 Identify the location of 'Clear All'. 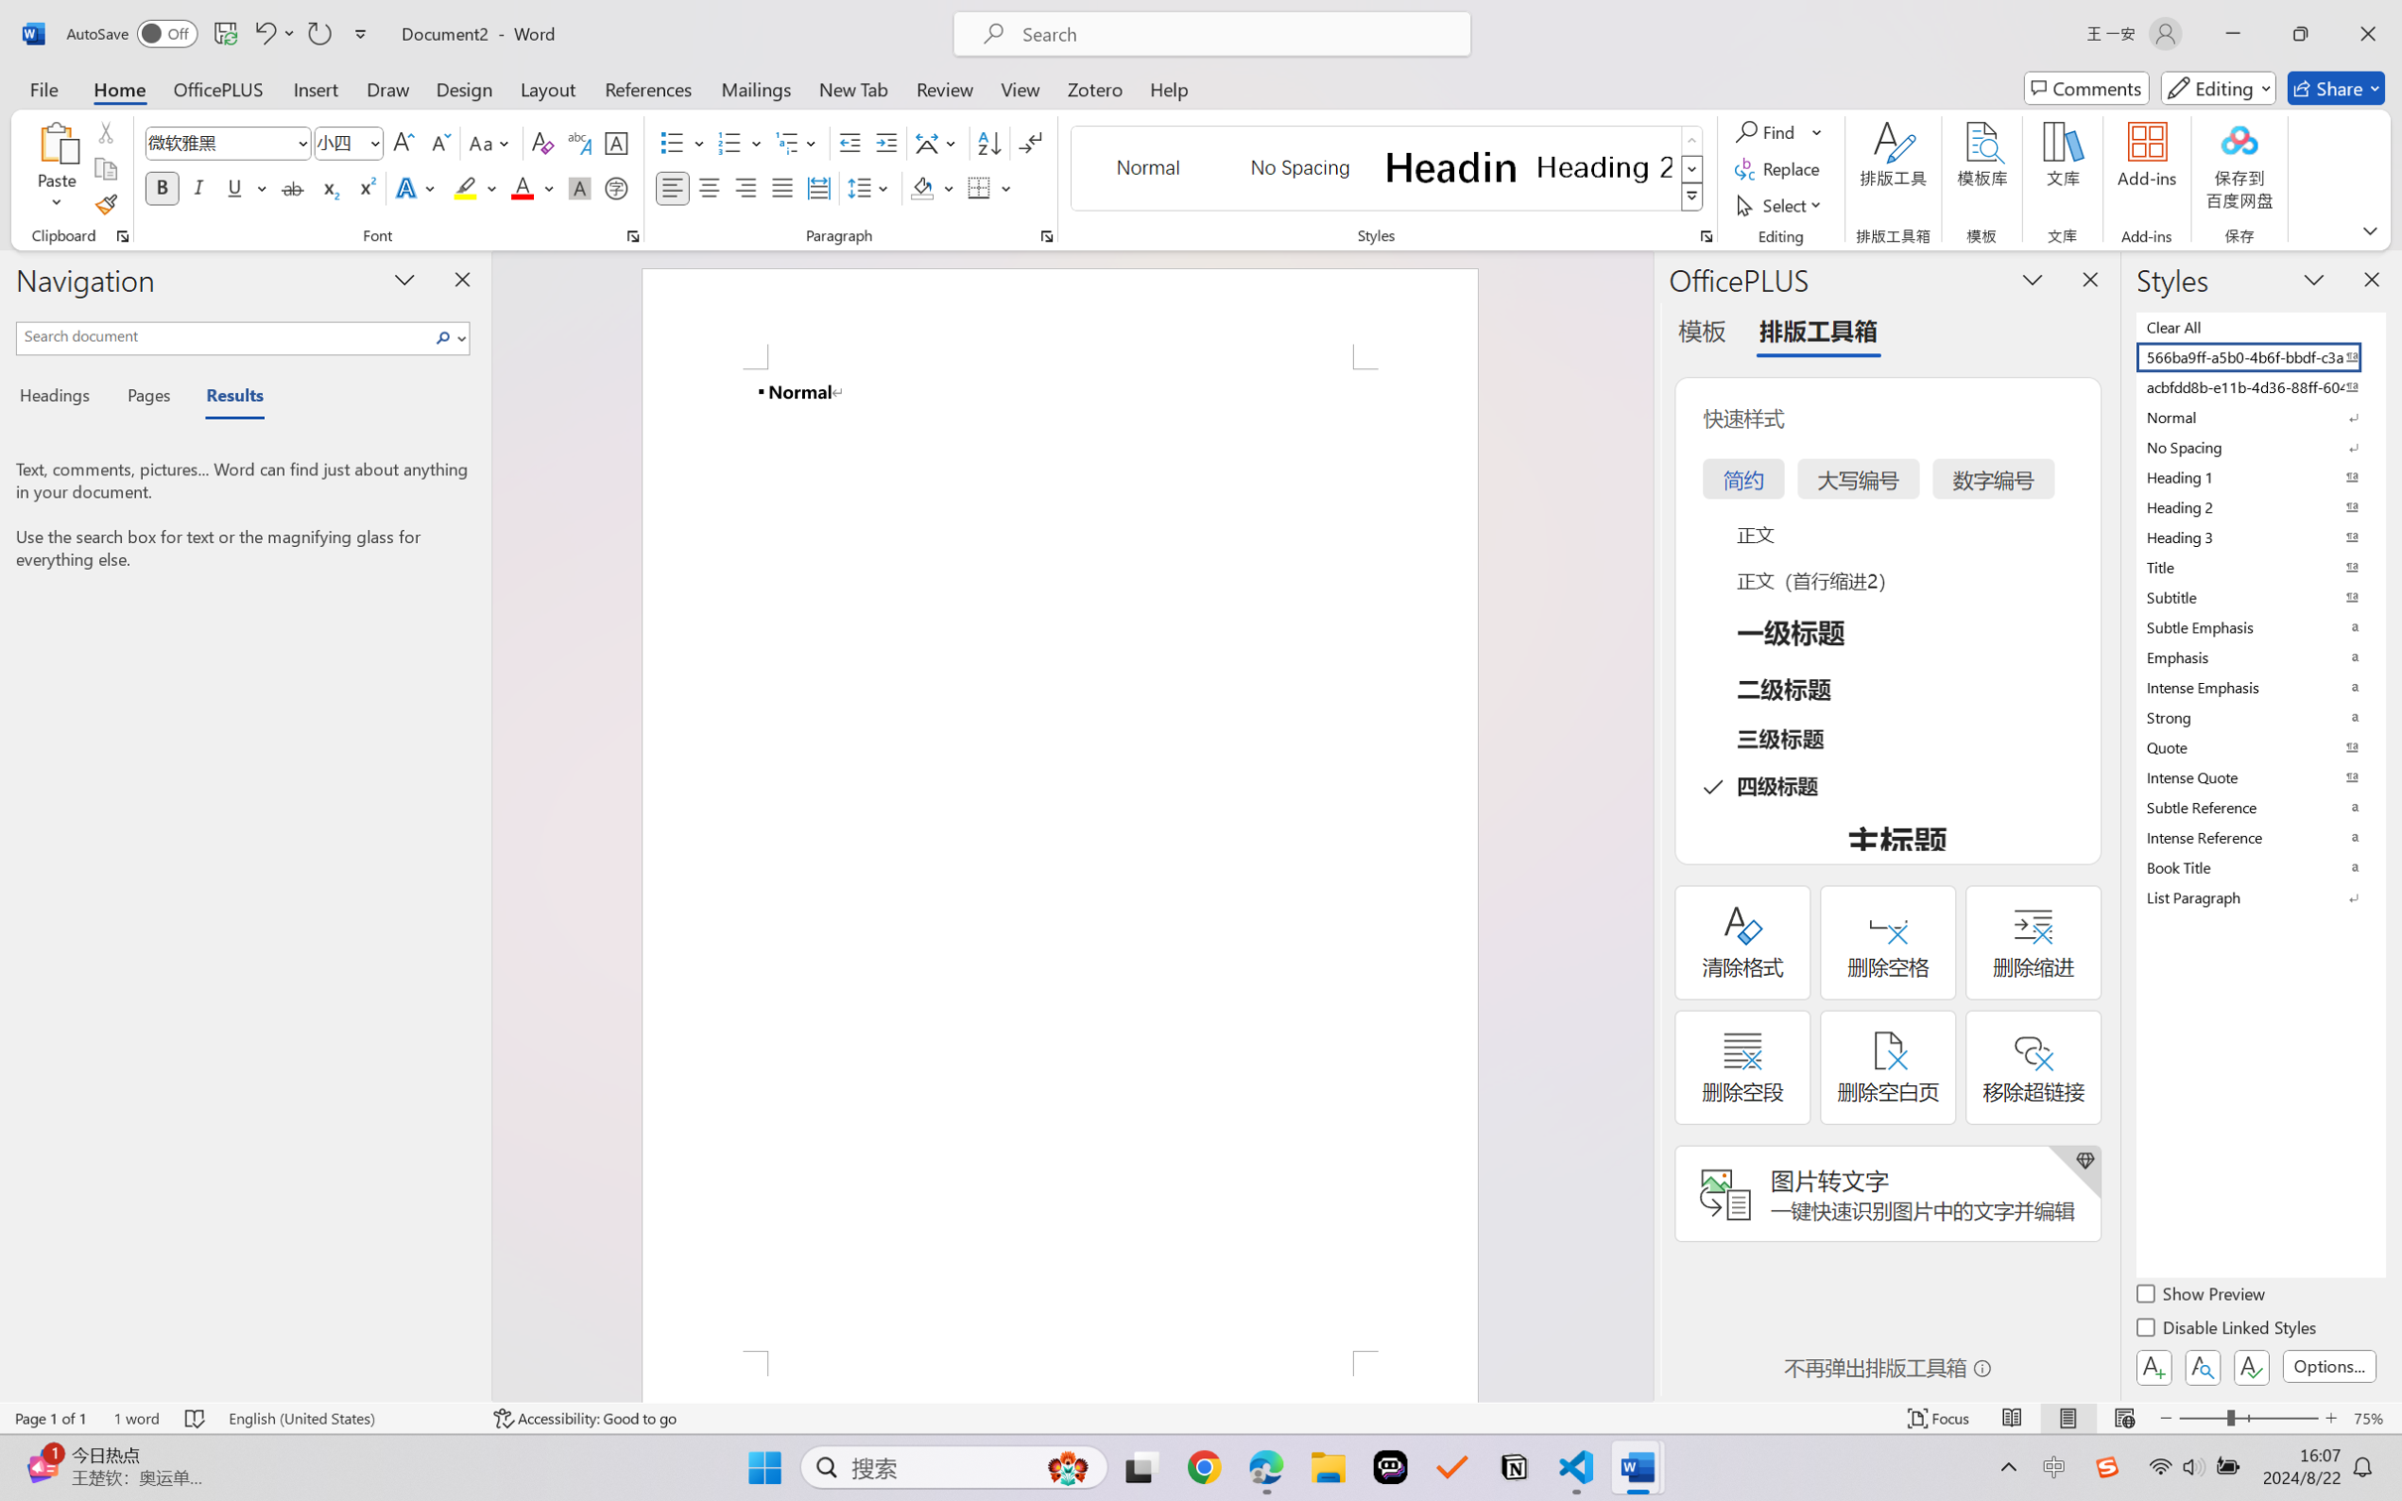
(2258, 326).